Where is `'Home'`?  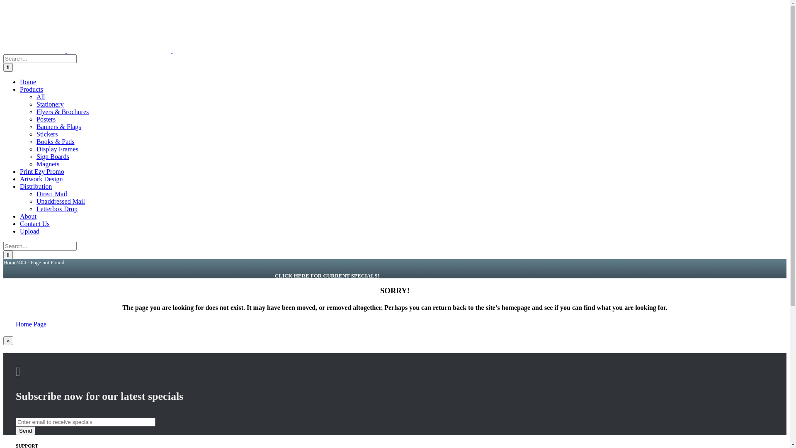
'Home' is located at coordinates (28, 82).